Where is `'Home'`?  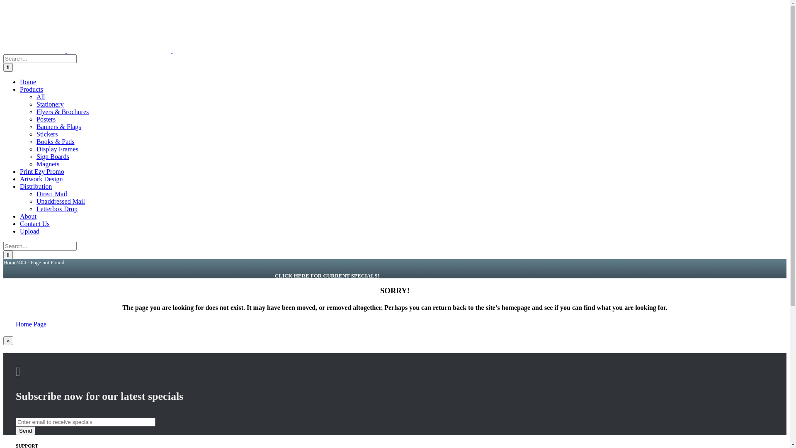
'Home' is located at coordinates (28, 82).